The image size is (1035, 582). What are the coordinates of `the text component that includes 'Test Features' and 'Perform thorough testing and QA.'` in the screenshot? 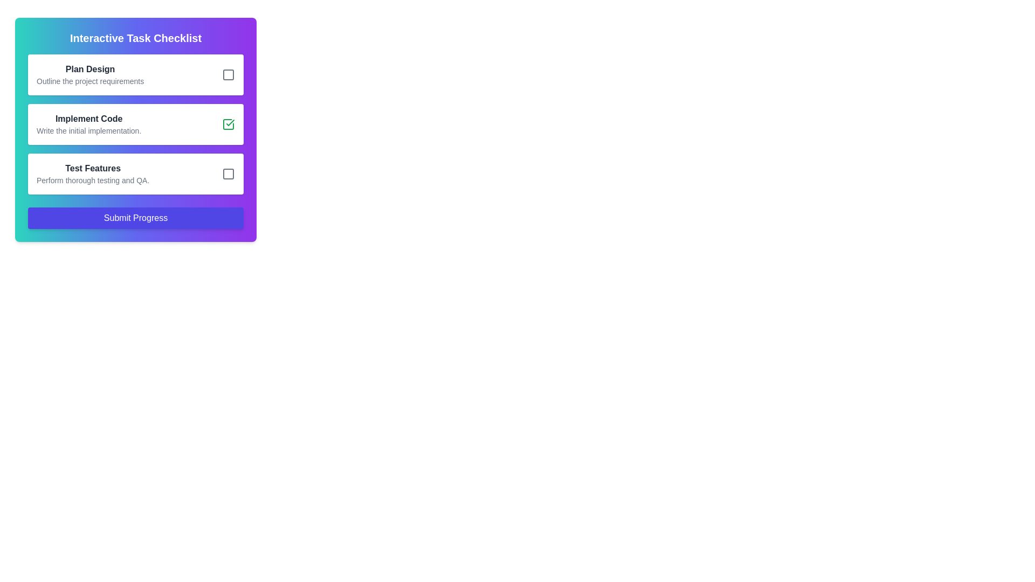 It's located at (93, 174).